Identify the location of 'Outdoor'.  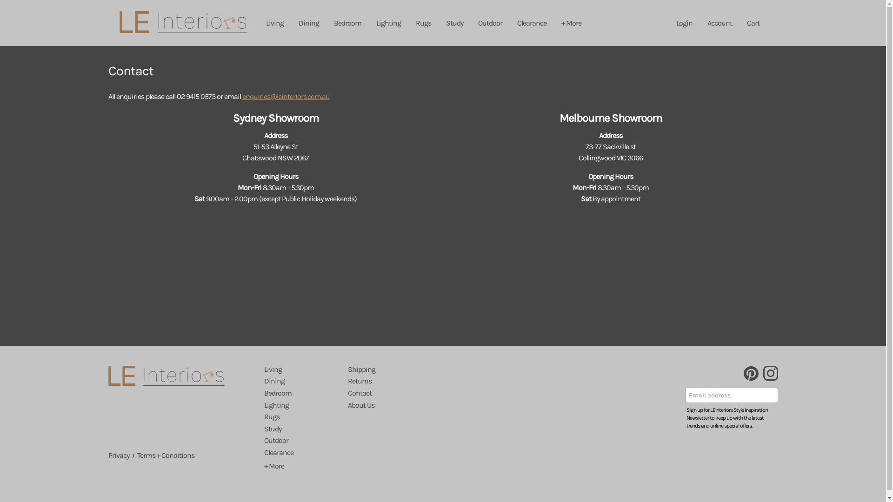
(276, 440).